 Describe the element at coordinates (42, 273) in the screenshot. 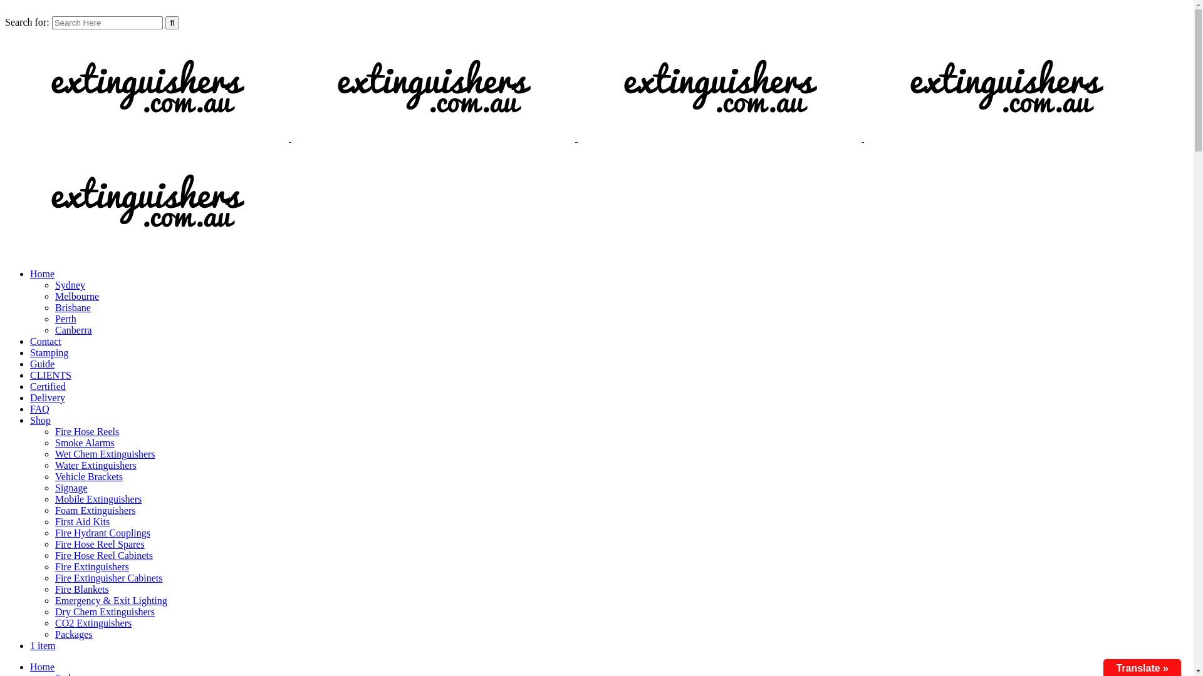

I see `'Home'` at that location.